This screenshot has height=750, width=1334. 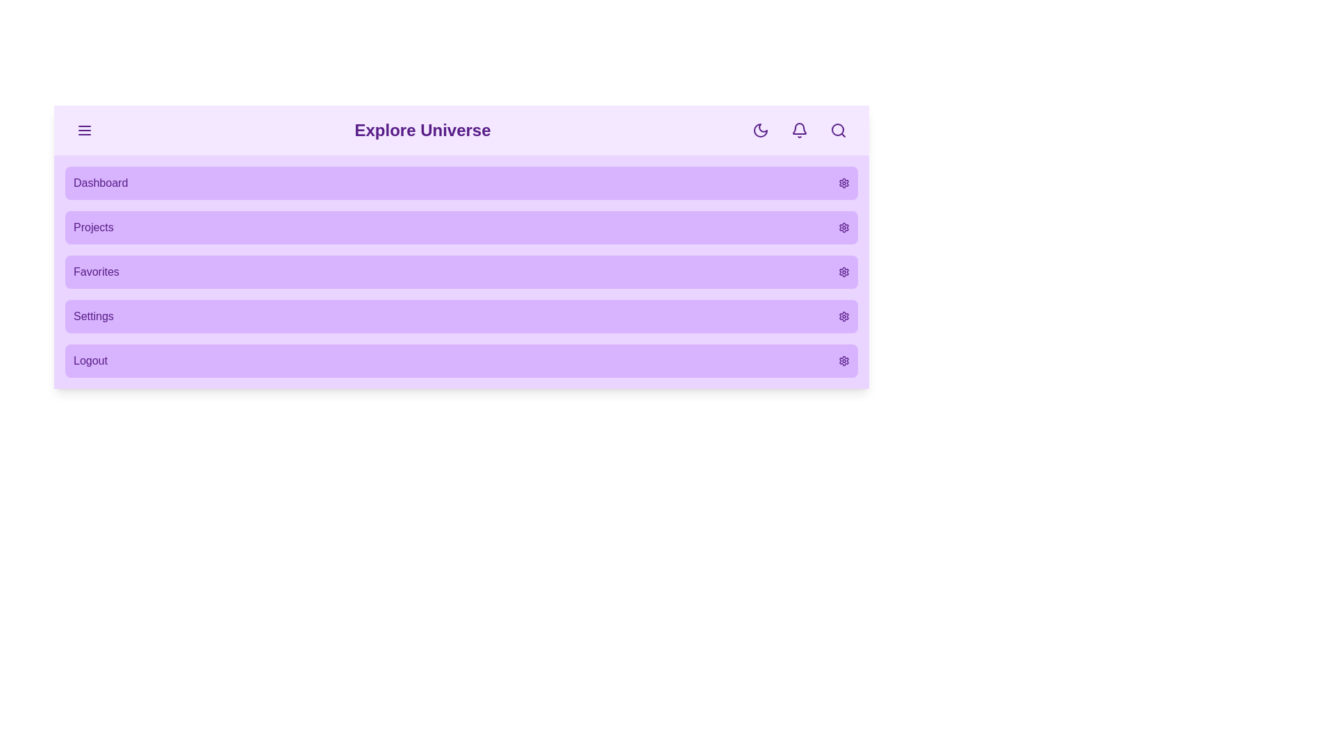 What do you see at coordinates (843, 316) in the screenshot?
I see `the settings icon for the menu item labeled Settings` at bounding box center [843, 316].